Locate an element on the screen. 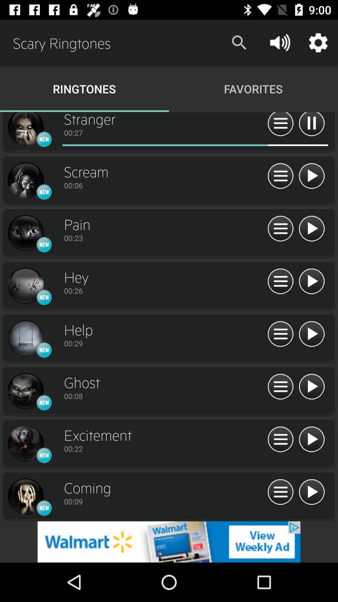 This screenshot has height=602, width=338. excitement as your ringtone is located at coordinates (25, 444).